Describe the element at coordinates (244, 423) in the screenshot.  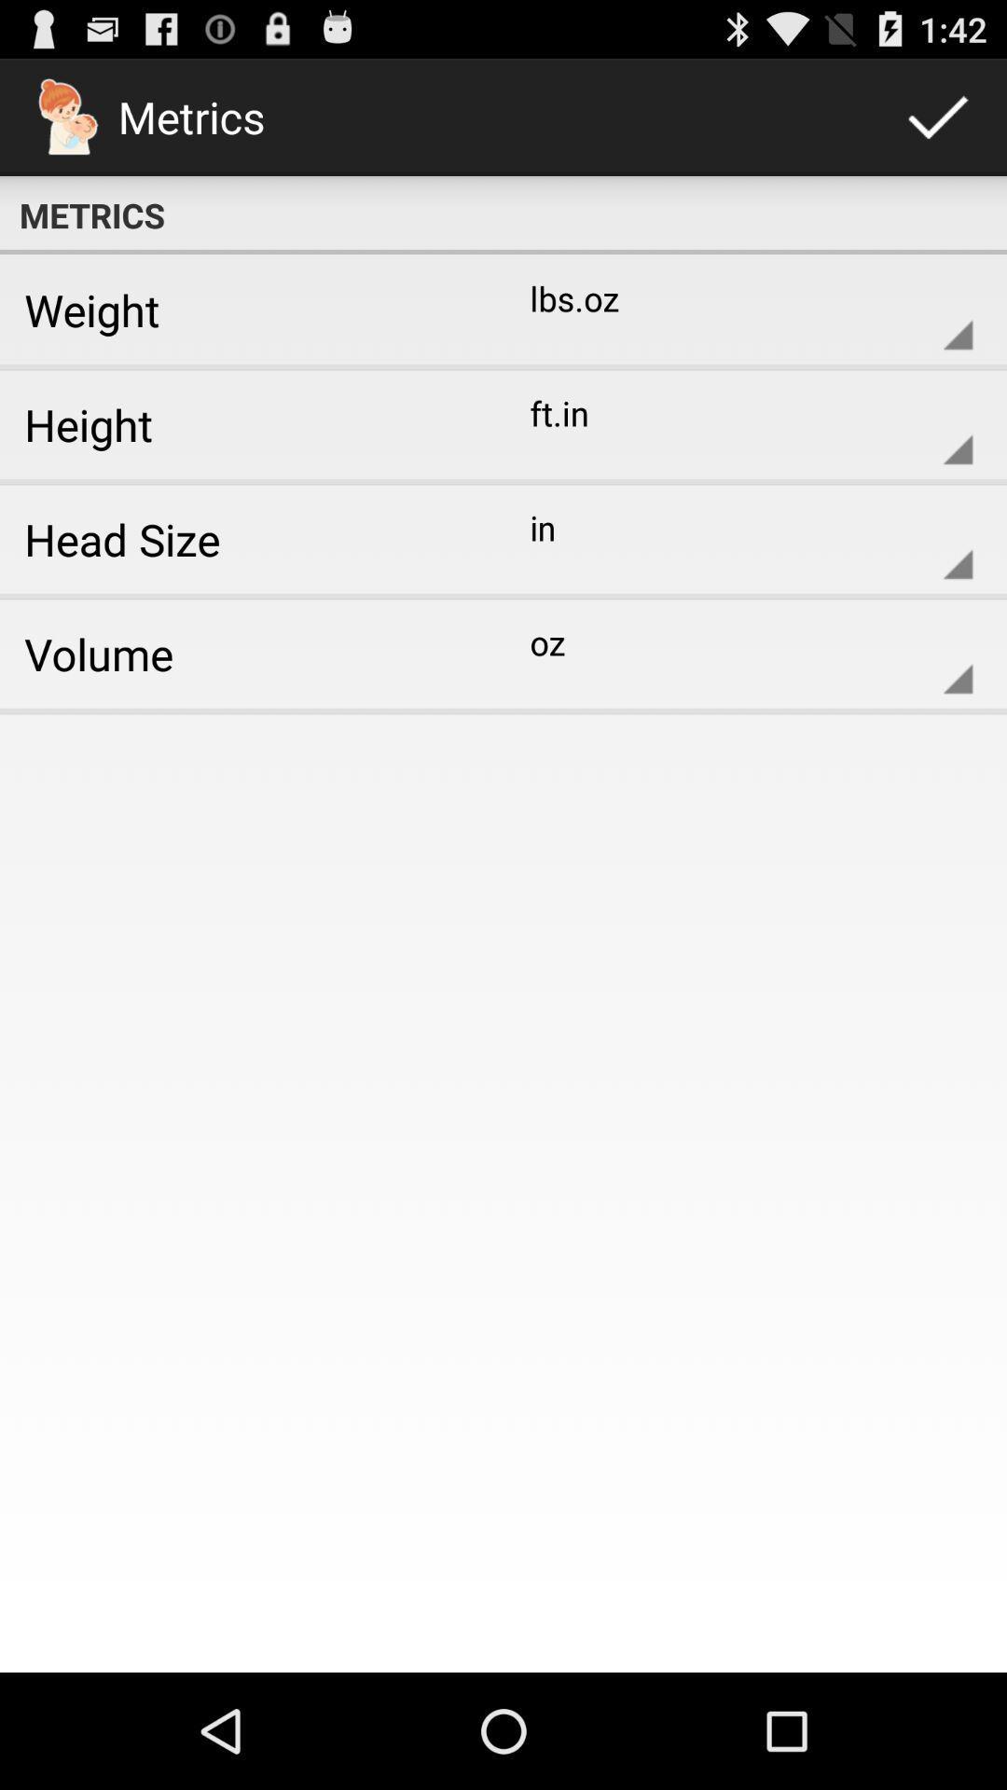
I see `the height item` at that location.